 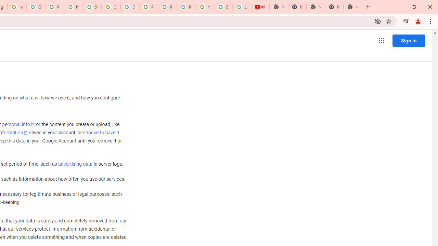 I want to click on 'Mute tab', so click(x=263, y=7).